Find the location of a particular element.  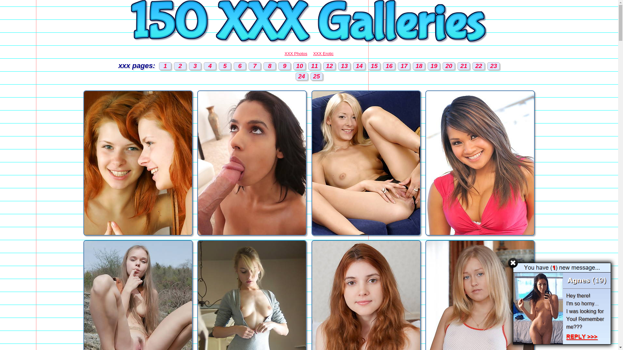

'4' is located at coordinates (210, 66).